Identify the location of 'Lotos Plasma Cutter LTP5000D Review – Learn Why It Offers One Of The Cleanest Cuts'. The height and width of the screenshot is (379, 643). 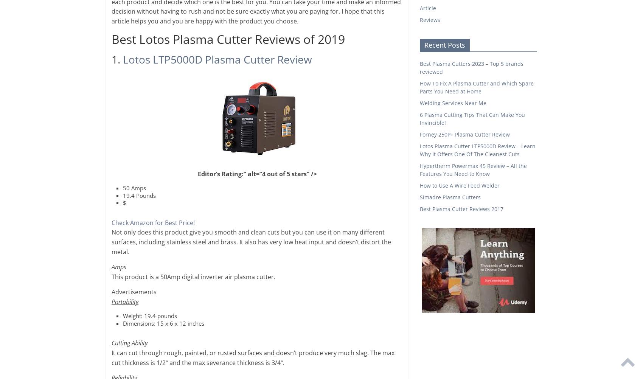
(477, 150).